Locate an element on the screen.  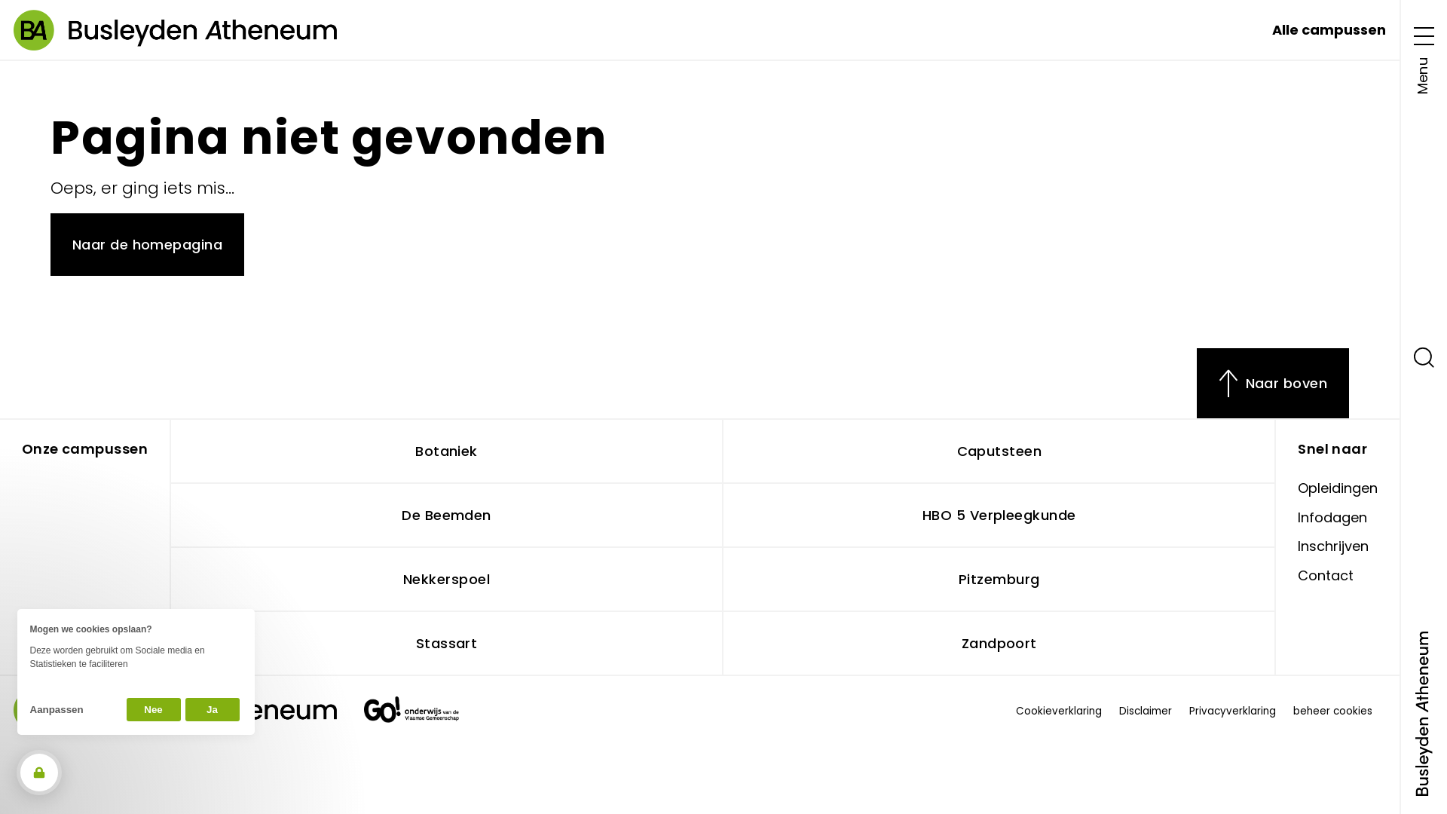
'Naar de homepagina' is located at coordinates (147, 243).